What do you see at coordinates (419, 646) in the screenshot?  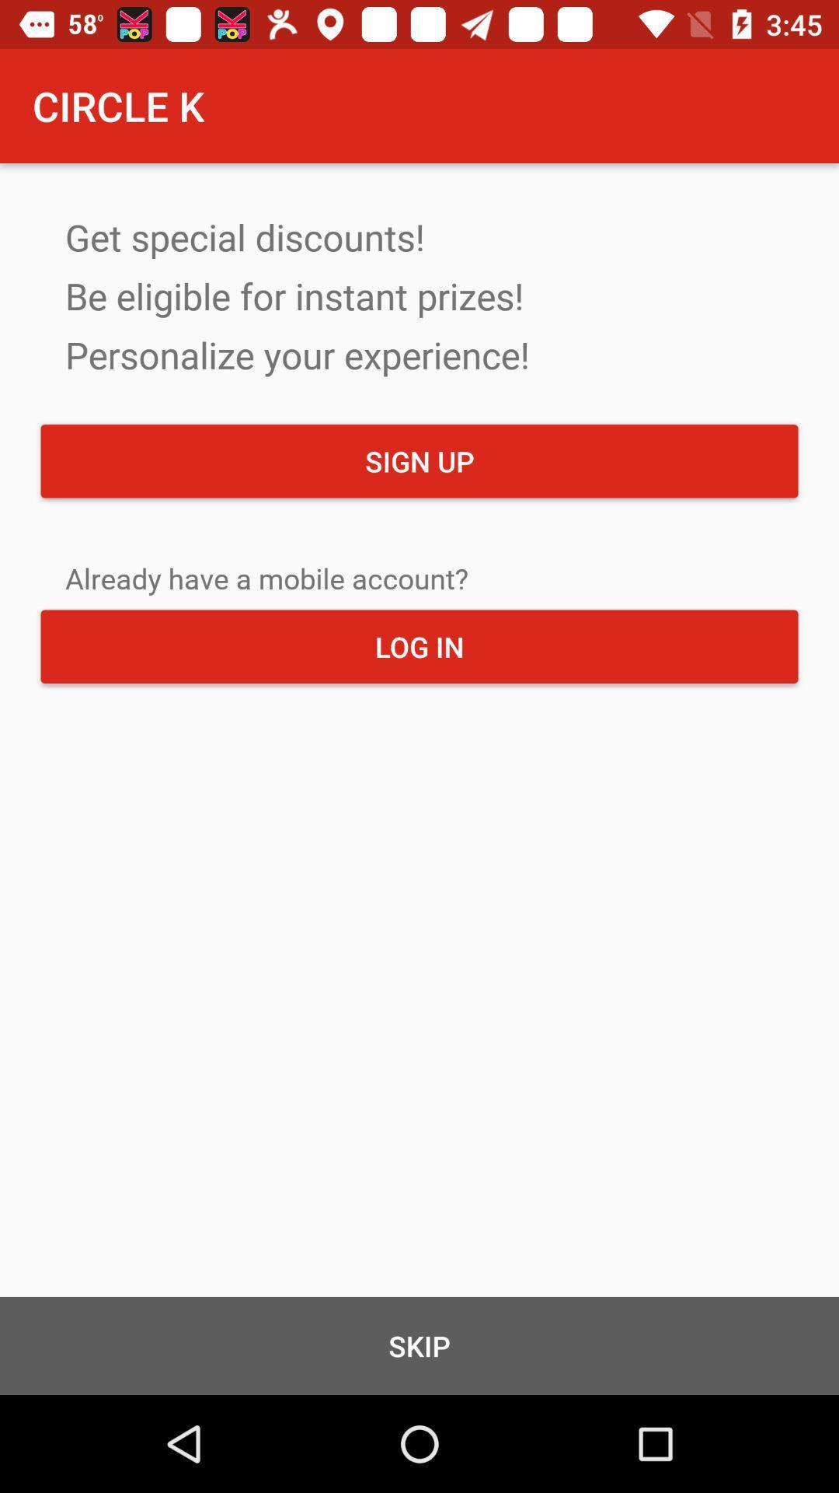 I see `the icon above the skip` at bounding box center [419, 646].